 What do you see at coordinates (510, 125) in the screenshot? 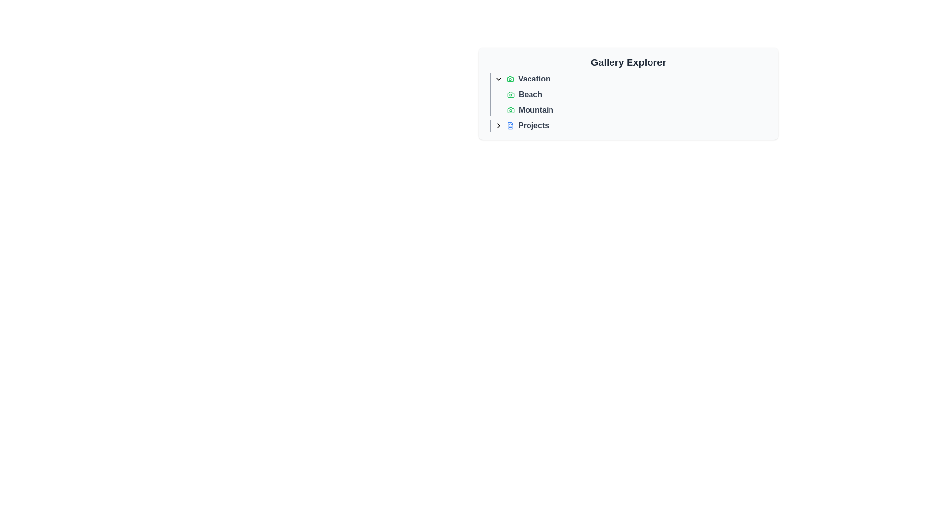
I see `the 'Projects' icon located at the bottom of the hierarchical navigation tree in the Gallery Explorer interface` at bounding box center [510, 125].